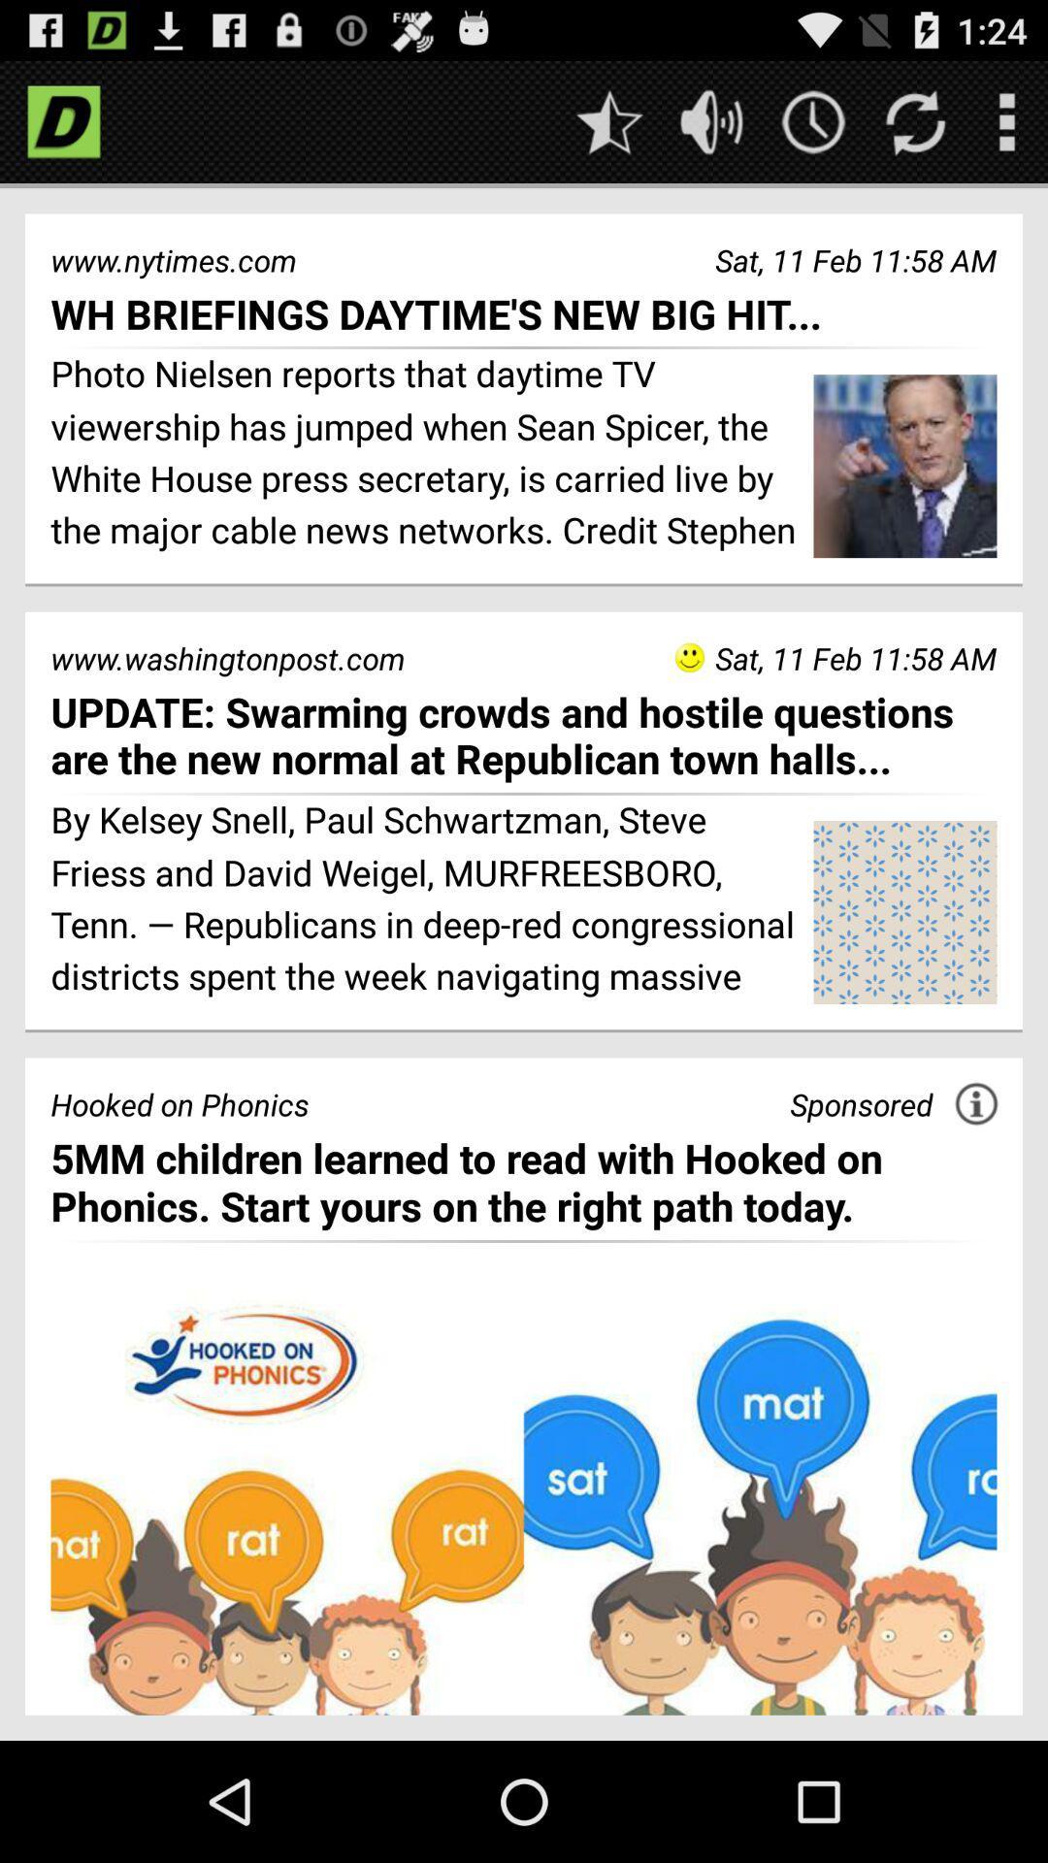 The height and width of the screenshot is (1863, 1048). I want to click on by kelsey snell, so click(424, 900).